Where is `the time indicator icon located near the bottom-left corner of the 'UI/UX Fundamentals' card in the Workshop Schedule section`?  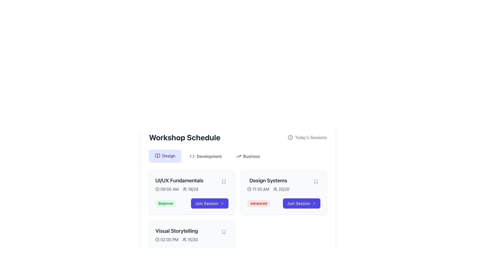
the time indicator icon located near the bottom-left corner of the 'UI/UX Fundamentals' card in the Workshop Schedule section is located at coordinates (157, 189).